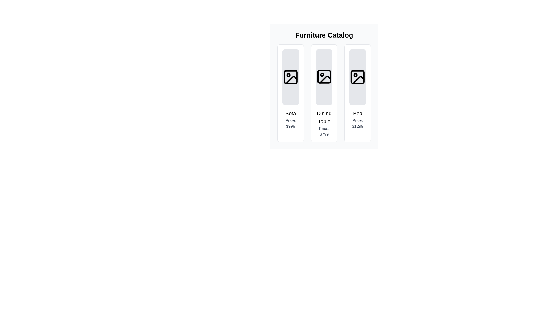  Describe the element at coordinates (324, 77) in the screenshot. I see `the image placeholder representing the 'Dining Table' product in the furniture catalog, located in the top section of the panel` at that location.